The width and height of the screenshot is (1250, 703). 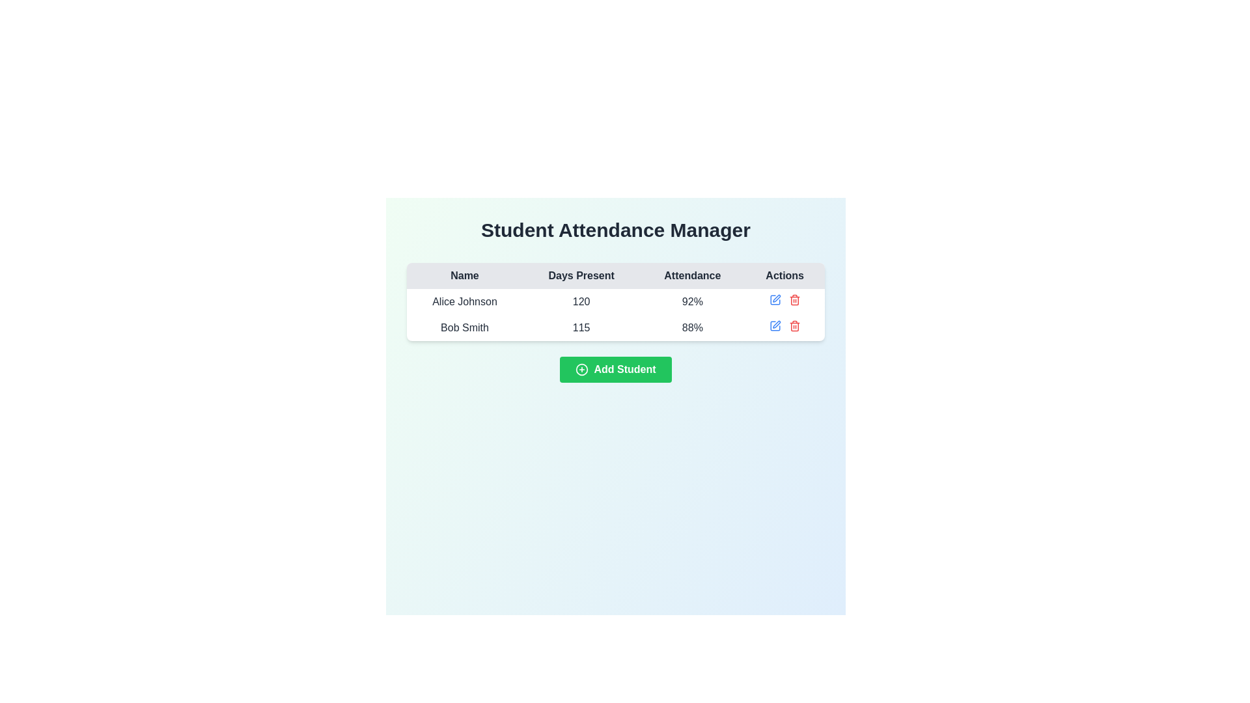 I want to click on the icon representing the action to add a new student, which has a plus sign and is located to the left of the 'Add Student' text within the button, so click(x=581, y=369).